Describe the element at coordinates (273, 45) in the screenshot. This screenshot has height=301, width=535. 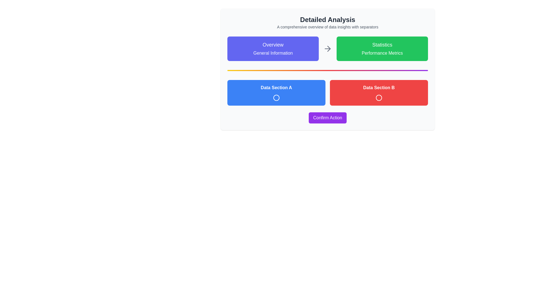
I see `the 'Overview' text label, which is styled with a large font size and semi-bold weight, located at the top of a blue rectangular button-like area in the leftmost of two adjacent boxes` at that location.